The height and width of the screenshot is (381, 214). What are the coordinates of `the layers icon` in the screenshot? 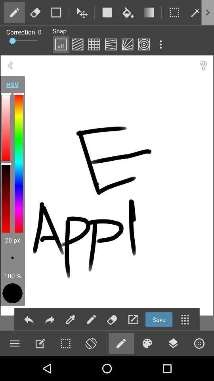 It's located at (173, 343).